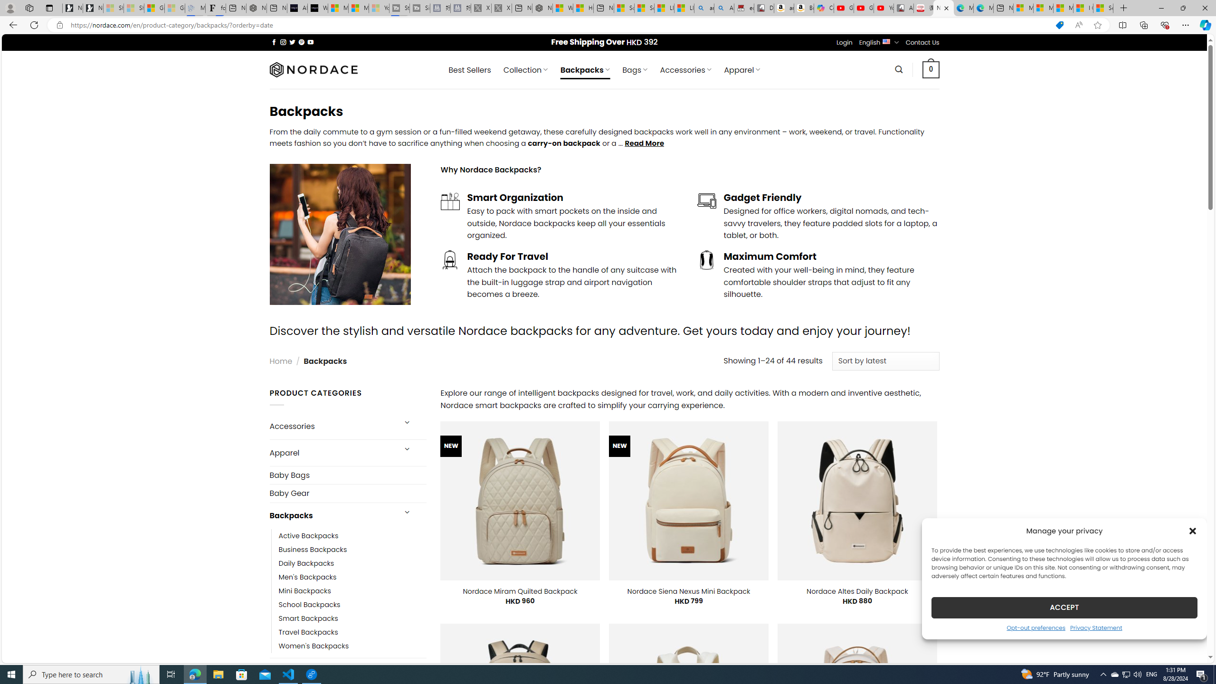 This screenshot has width=1216, height=684. I want to click on 'Amazon Echo Dot PNG - Search Images', so click(724, 8).